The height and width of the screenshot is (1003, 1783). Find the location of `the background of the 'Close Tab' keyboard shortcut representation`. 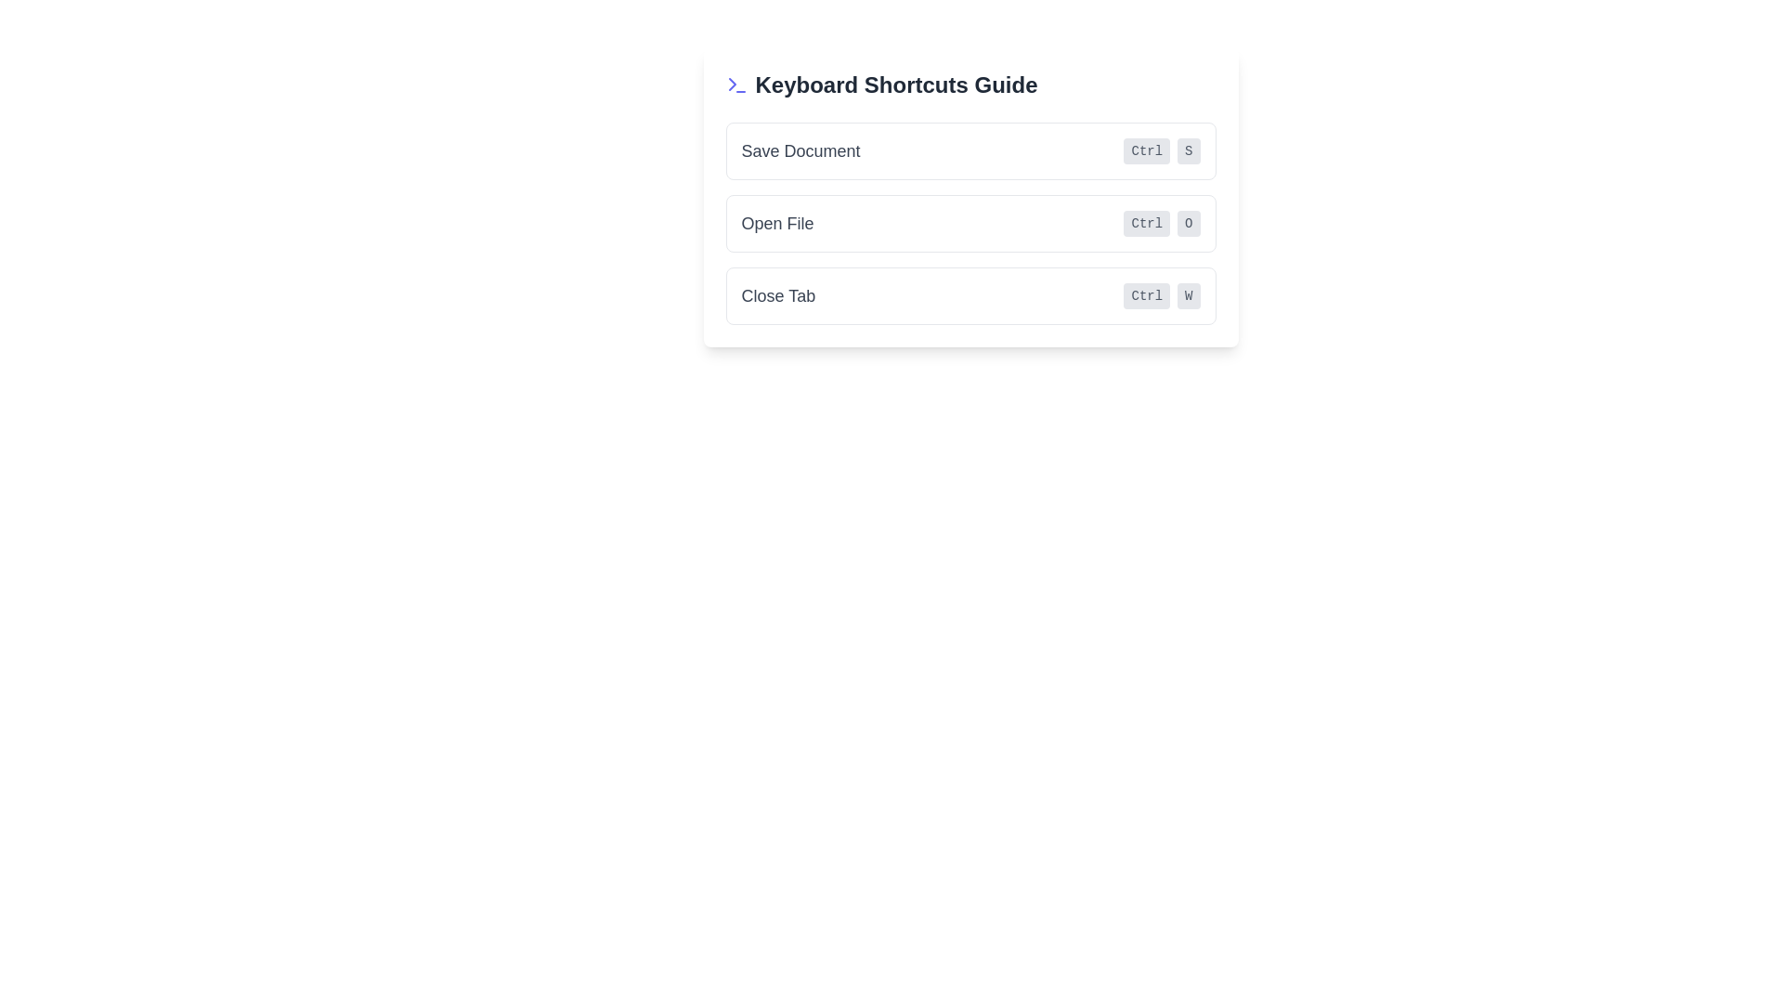

the background of the 'Close Tab' keyboard shortcut representation is located at coordinates (970, 295).